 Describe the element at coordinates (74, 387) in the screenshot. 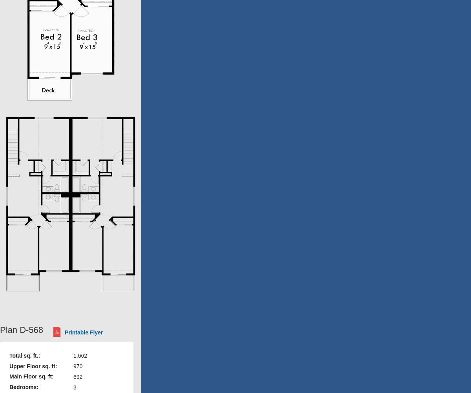

I see `'3'` at that location.